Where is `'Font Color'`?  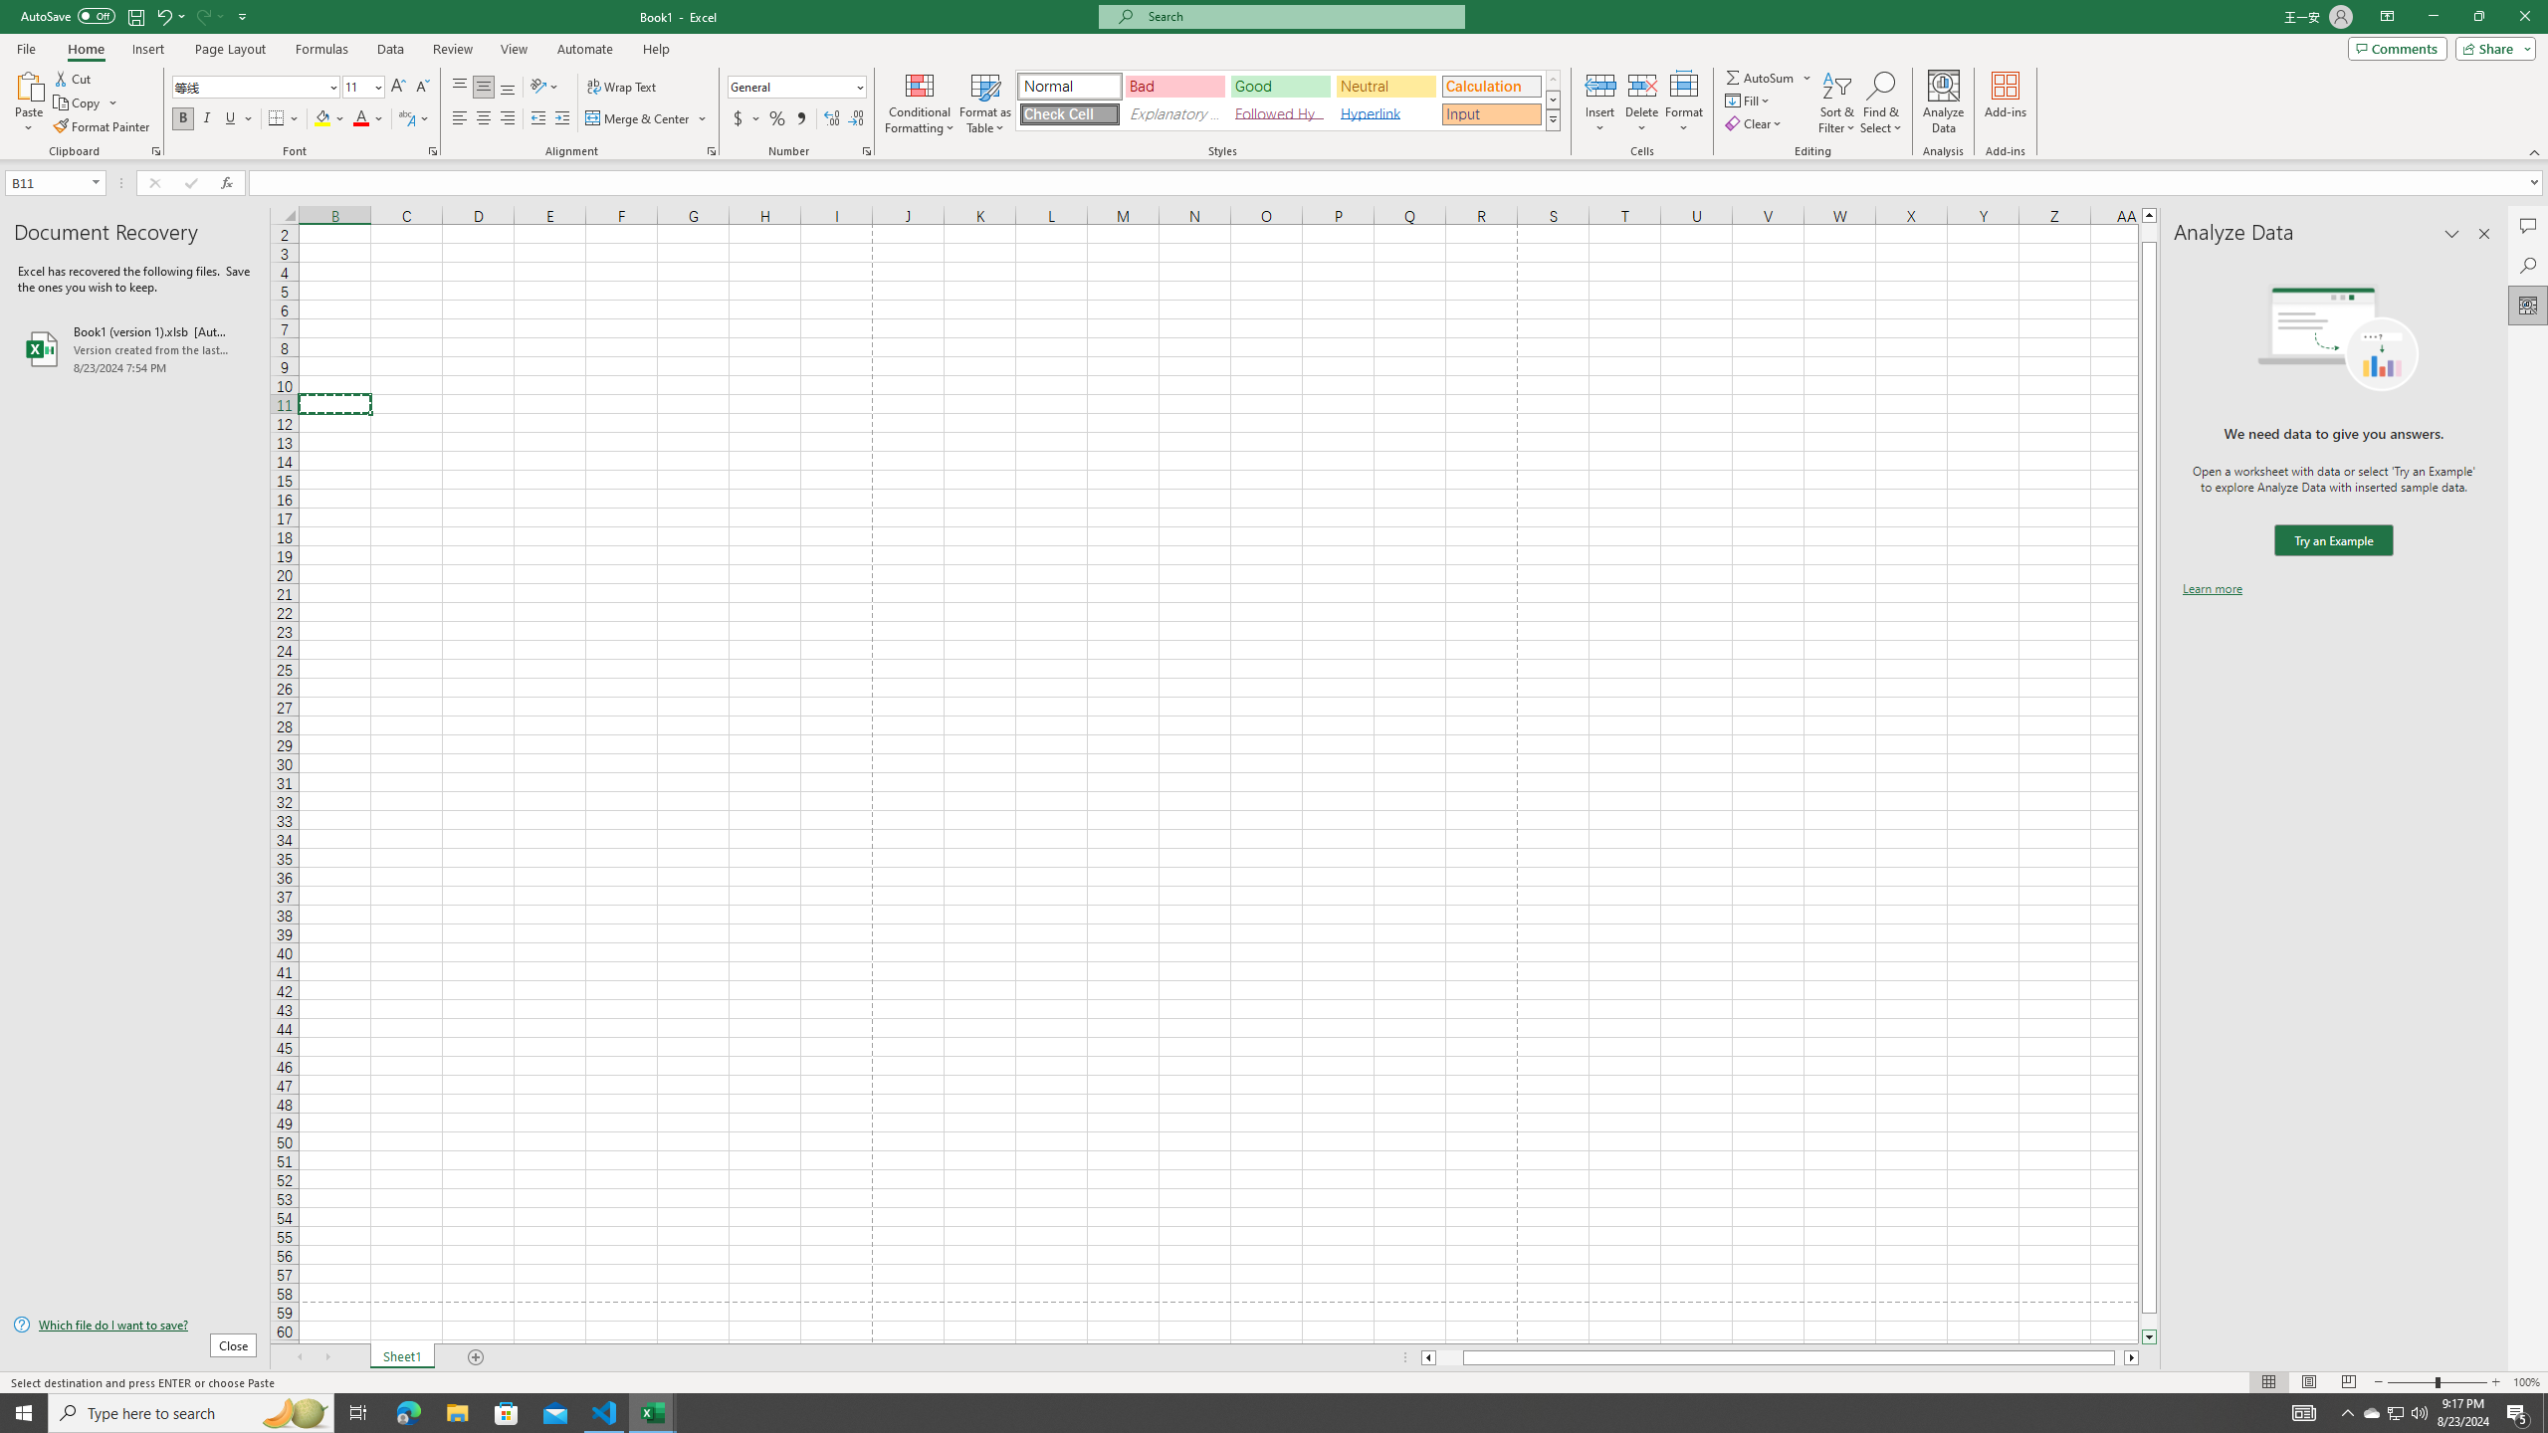
'Font Color' is located at coordinates (368, 117).